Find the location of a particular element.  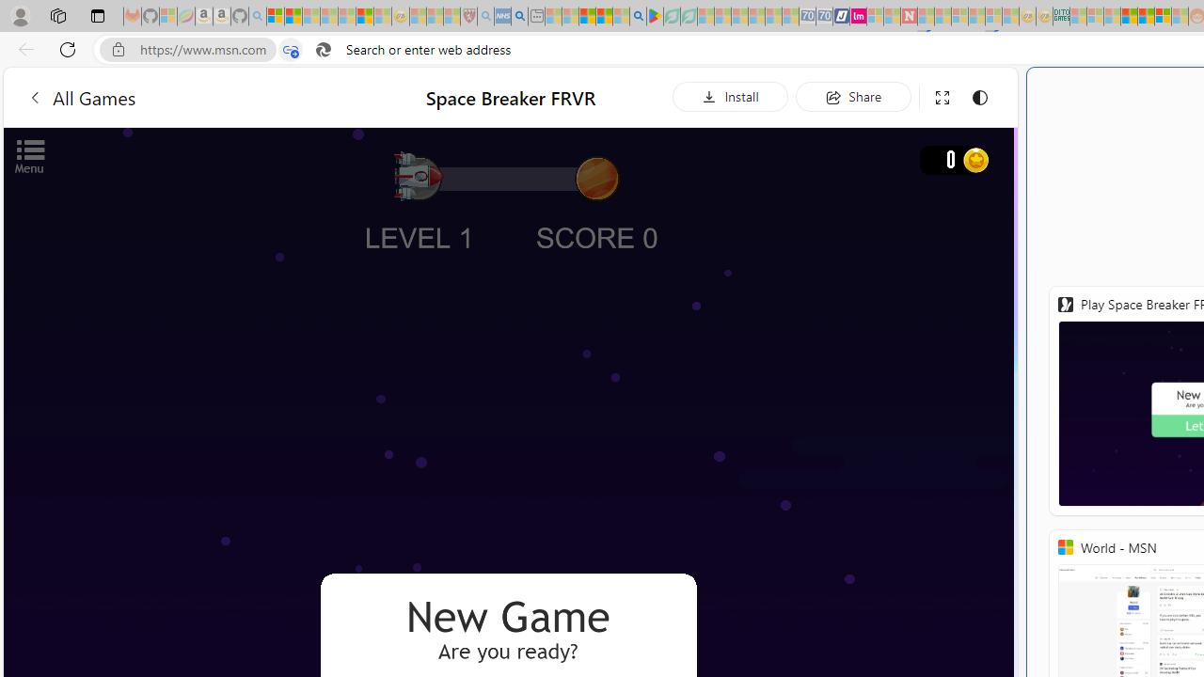

'Jobs - lastminute.com Investor Portal' is located at coordinates (857, 16).